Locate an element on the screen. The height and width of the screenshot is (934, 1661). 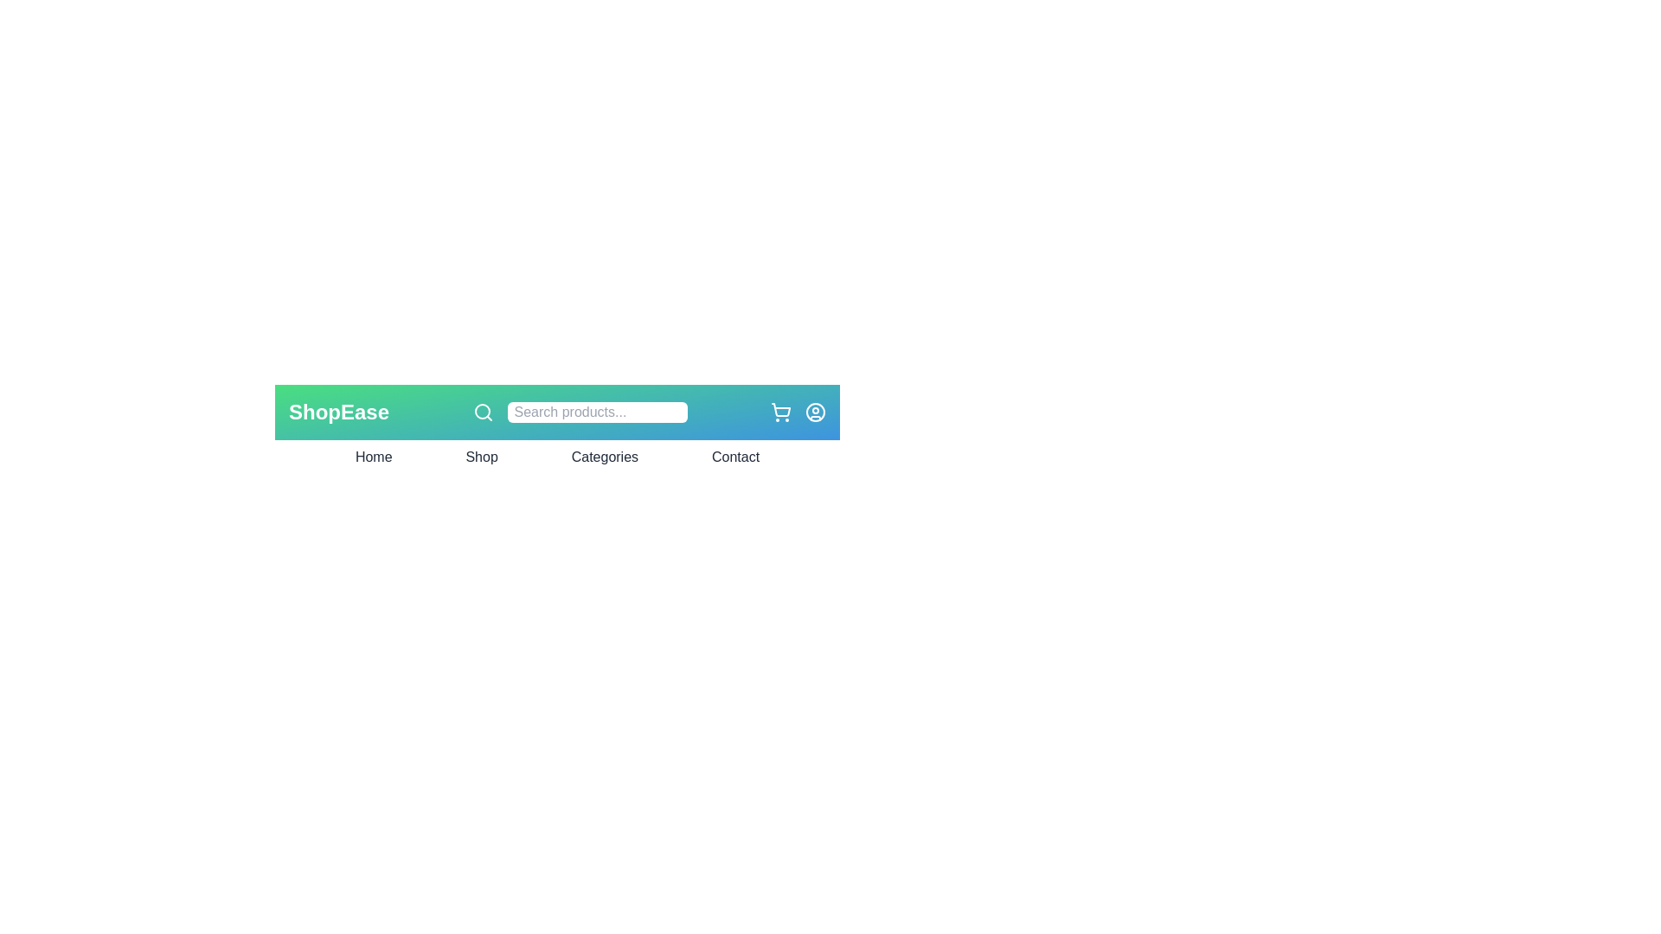
the user profile icon is located at coordinates (814, 413).